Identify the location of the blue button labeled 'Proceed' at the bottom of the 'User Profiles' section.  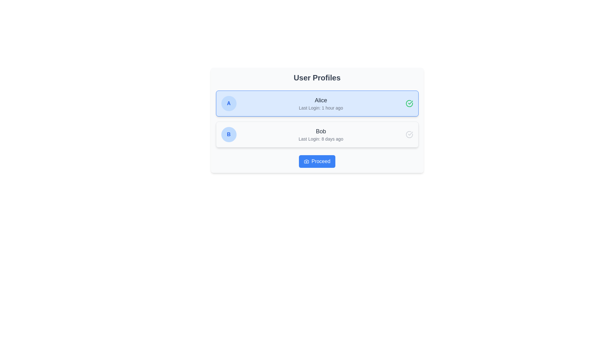
(317, 161).